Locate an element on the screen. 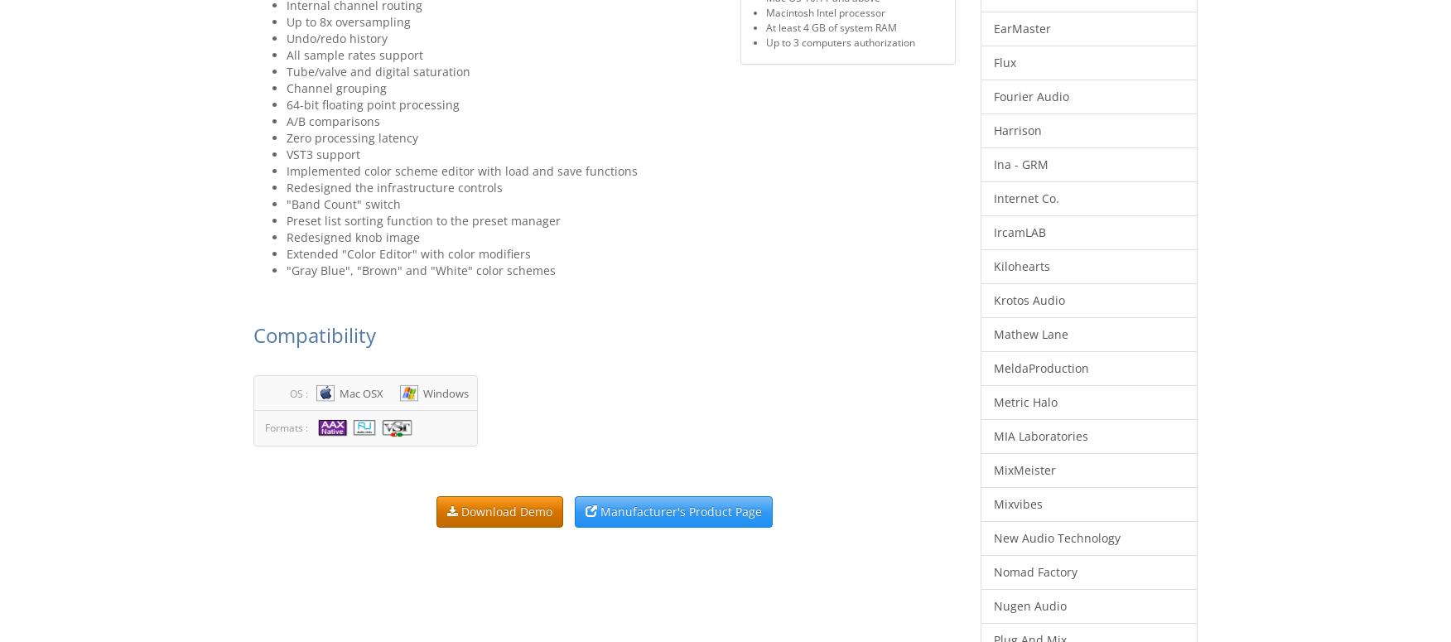 This screenshot has height=642, width=1451. 'Harrison' is located at coordinates (1016, 129).